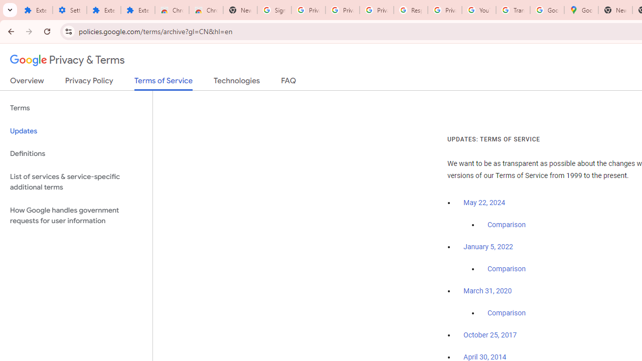 The height and width of the screenshot is (361, 642). I want to click on 'January 5, 2022', so click(488, 247).